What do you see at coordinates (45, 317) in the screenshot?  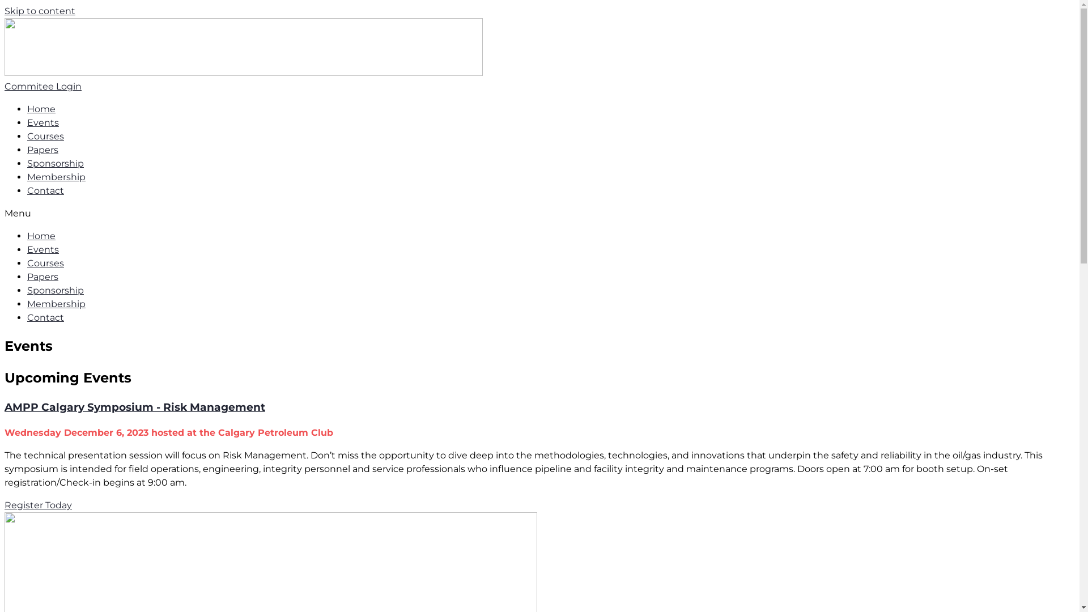 I see `'Contact'` at bounding box center [45, 317].